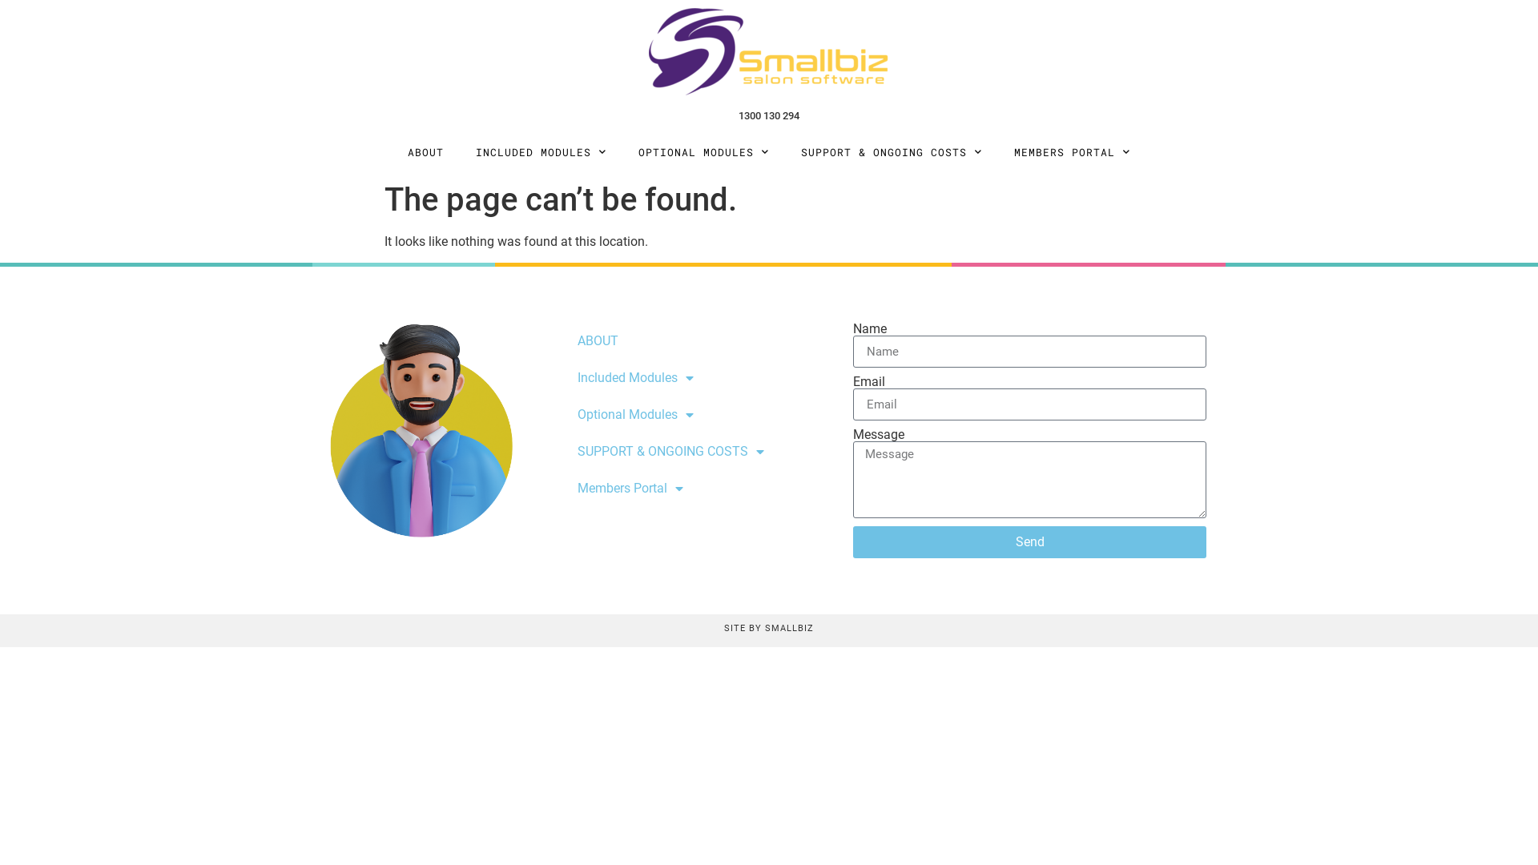 The width and height of the screenshot is (1538, 865). What do you see at coordinates (1029, 541) in the screenshot?
I see `'Send'` at bounding box center [1029, 541].